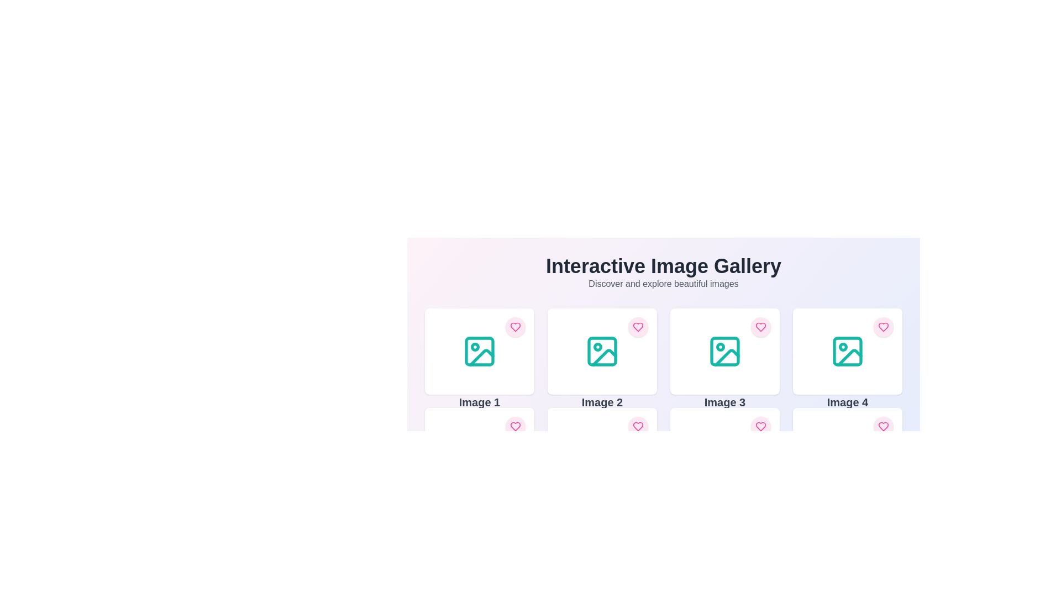 Image resolution: width=1061 pixels, height=597 pixels. What do you see at coordinates (847, 352) in the screenshot?
I see `the image icon with a teal outline located in the fourth position of the gallery` at bounding box center [847, 352].